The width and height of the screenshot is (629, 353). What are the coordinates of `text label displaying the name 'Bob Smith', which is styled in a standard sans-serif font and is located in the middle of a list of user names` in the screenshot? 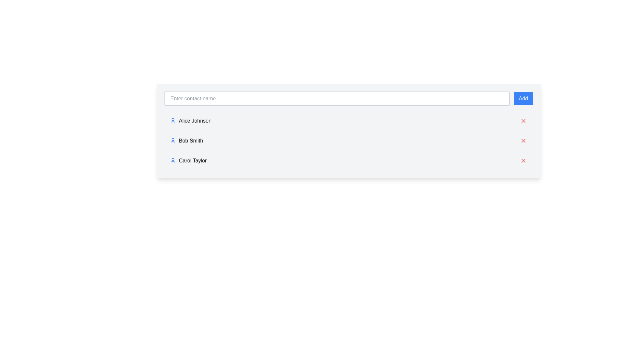 It's located at (186, 141).